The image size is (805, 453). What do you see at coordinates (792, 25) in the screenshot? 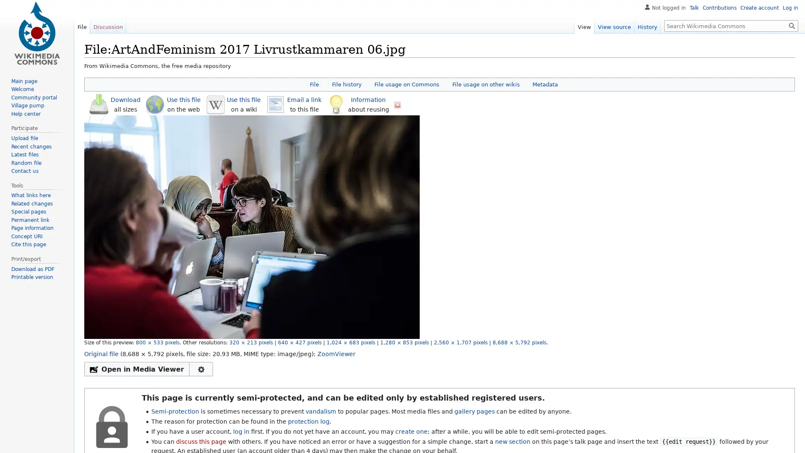
I see `Go` at bounding box center [792, 25].